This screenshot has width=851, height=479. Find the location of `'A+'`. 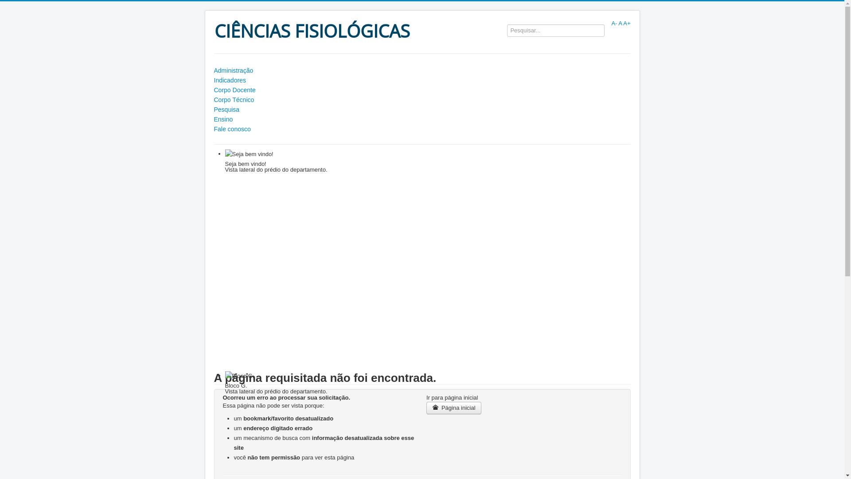

'A+' is located at coordinates (626, 23).